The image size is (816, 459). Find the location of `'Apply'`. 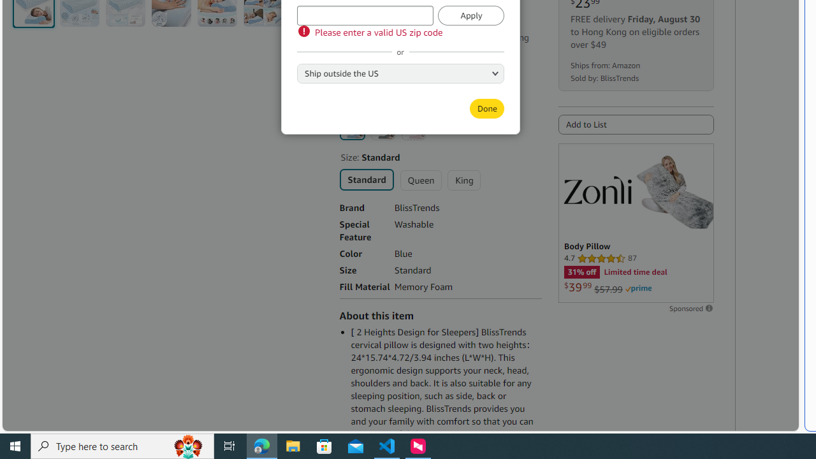

'Apply' is located at coordinates (470, 15).